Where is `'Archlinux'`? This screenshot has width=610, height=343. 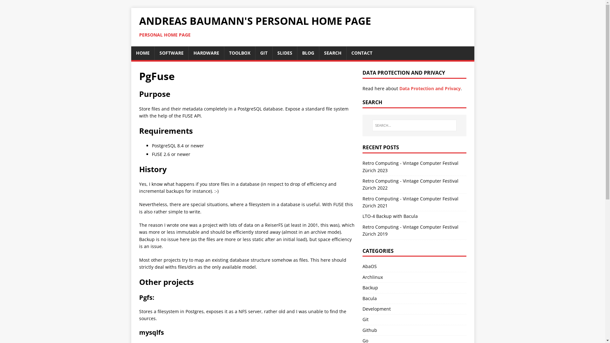
'Archlinux' is located at coordinates (372, 277).